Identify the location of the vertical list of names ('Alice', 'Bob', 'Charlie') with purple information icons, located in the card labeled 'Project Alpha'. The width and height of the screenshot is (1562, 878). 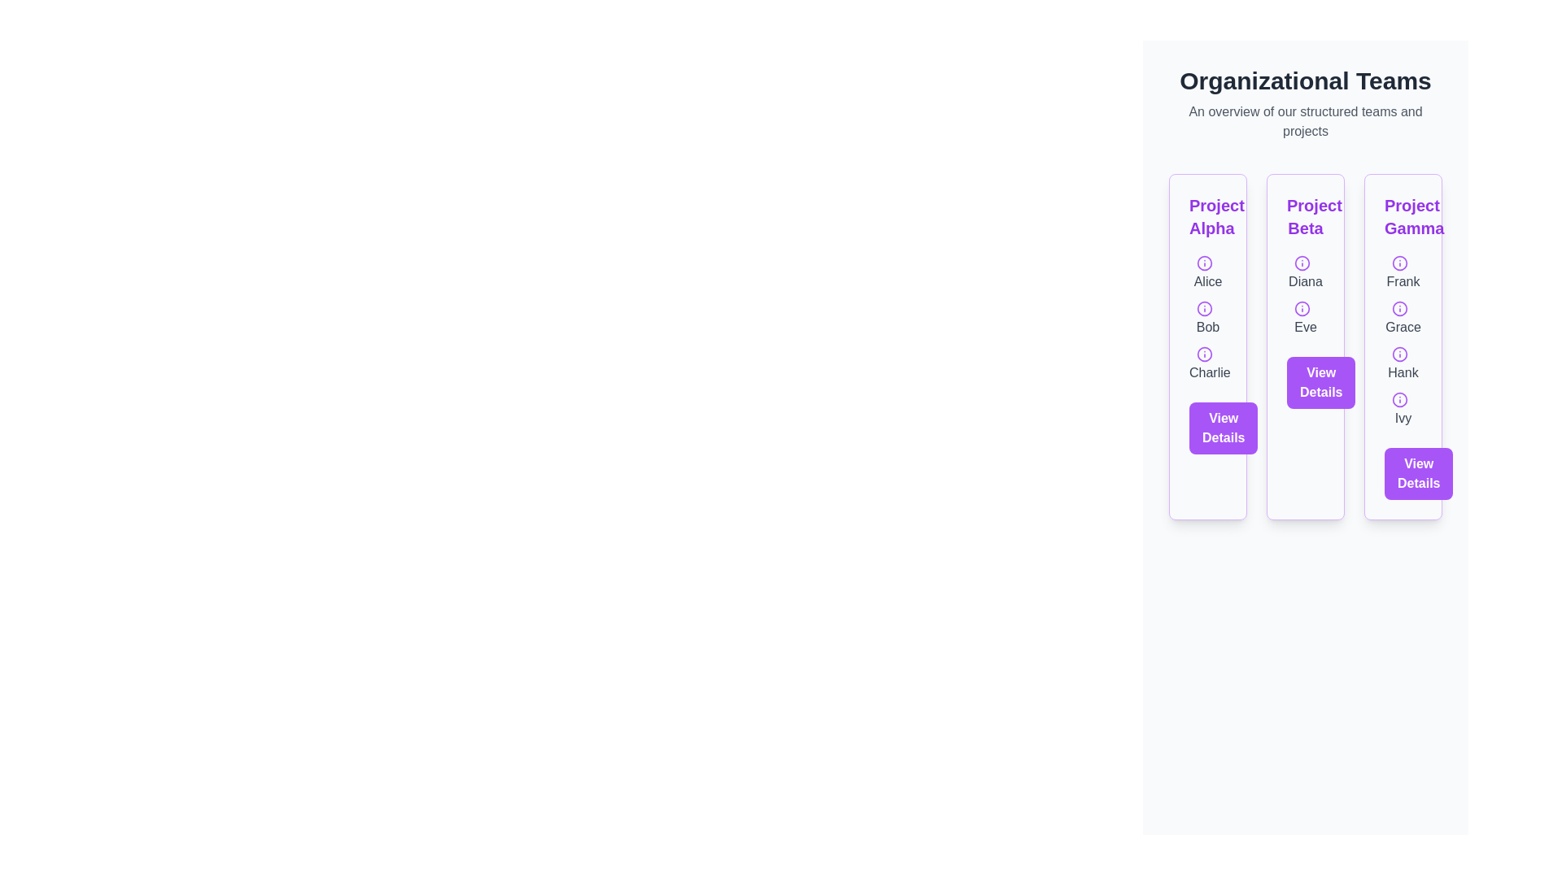
(1207, 317).